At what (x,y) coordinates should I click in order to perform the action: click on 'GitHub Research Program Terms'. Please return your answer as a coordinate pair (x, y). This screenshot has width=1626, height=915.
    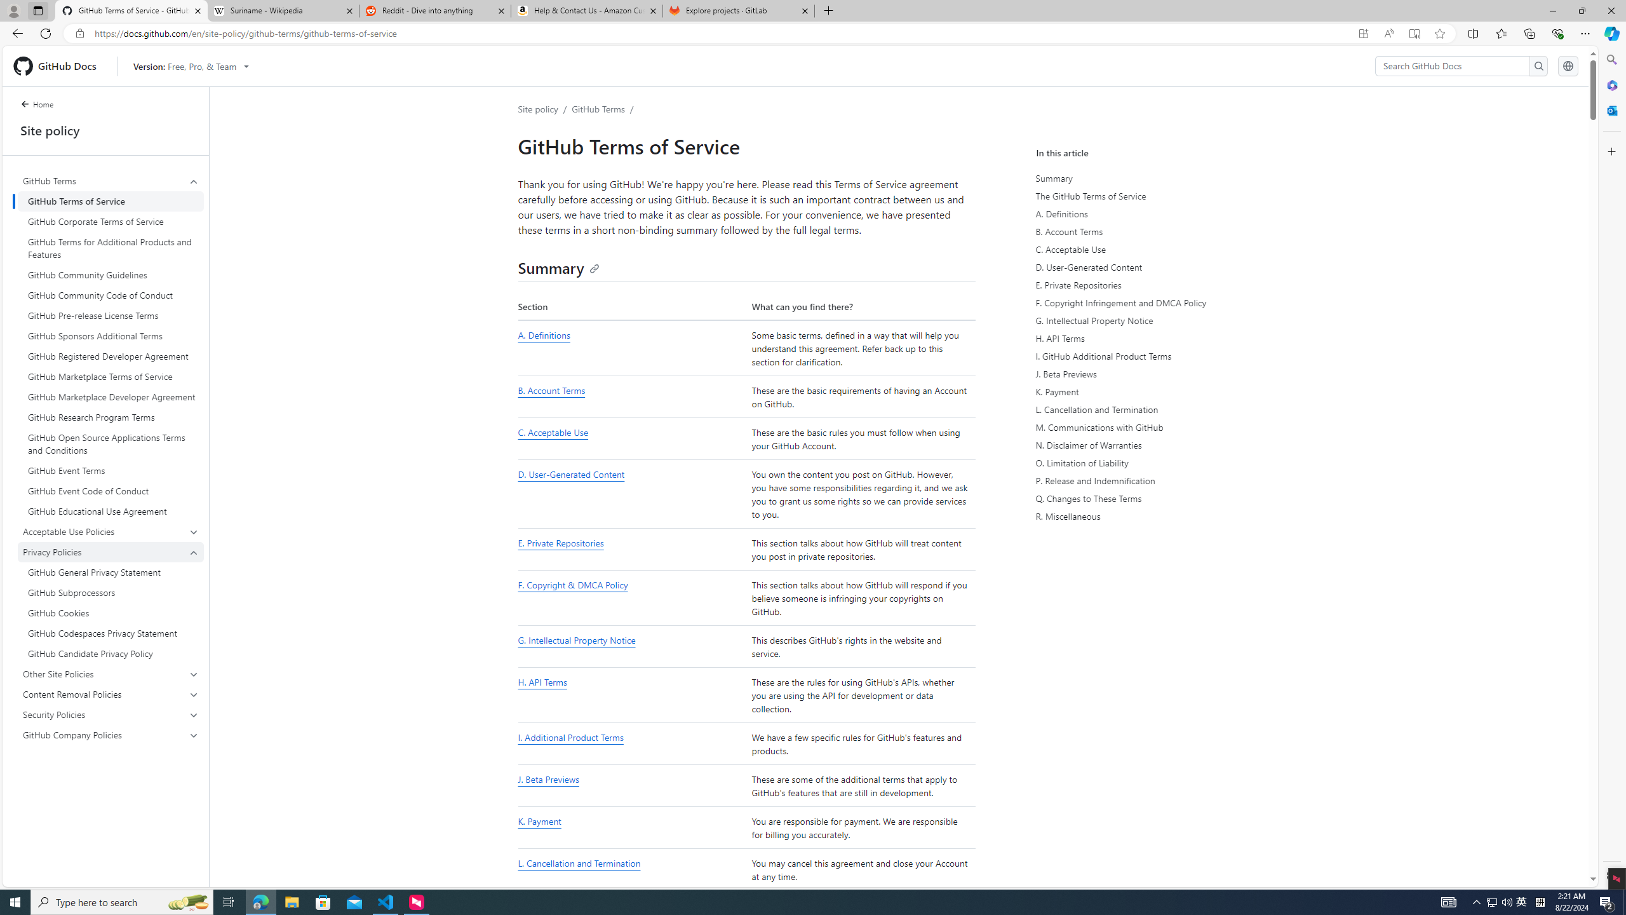
    Looking at the image, I should click on (111, 416).